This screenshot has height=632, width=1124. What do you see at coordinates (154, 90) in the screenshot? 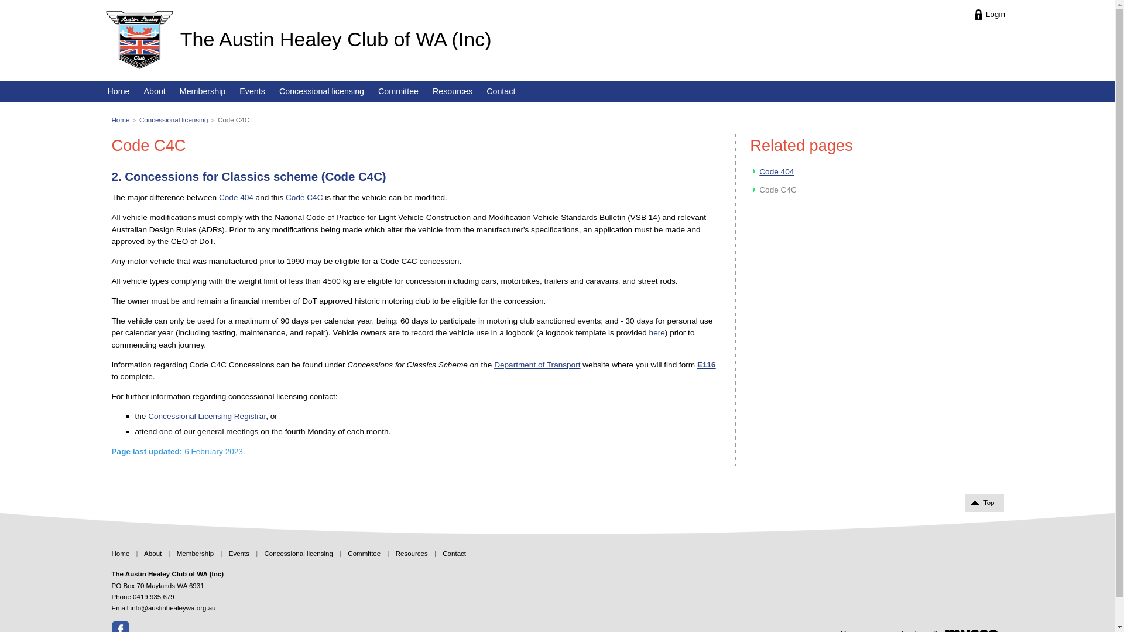
I see `'About'` at bounding box center [154, 90].